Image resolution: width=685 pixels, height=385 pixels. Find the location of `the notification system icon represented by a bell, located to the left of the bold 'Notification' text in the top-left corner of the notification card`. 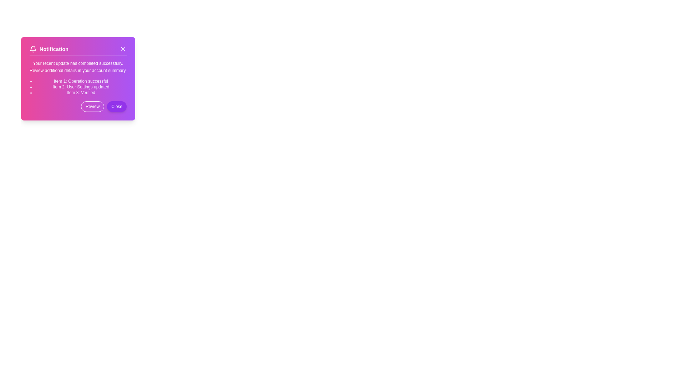

the notification system icon represented by a bell, located to the left of the bold 'Notification' text in the top-left corner of the notification card is located at coordinates (32, 49).